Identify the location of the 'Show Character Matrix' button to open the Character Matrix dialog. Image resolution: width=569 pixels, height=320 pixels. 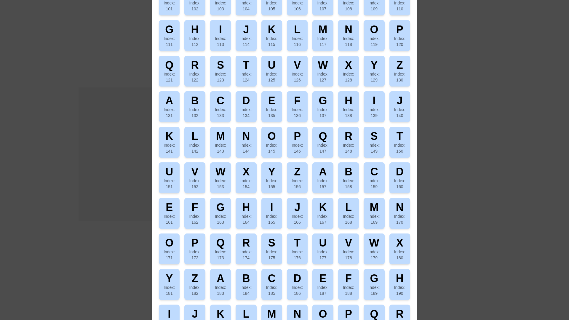
(244, 247).